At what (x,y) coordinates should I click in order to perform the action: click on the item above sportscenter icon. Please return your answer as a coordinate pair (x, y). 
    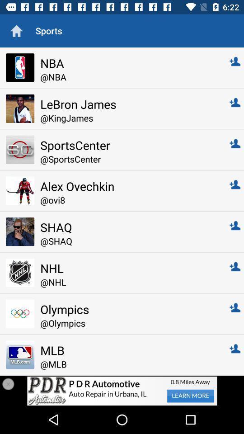
    Looking at the image, I should click on (128, 118).